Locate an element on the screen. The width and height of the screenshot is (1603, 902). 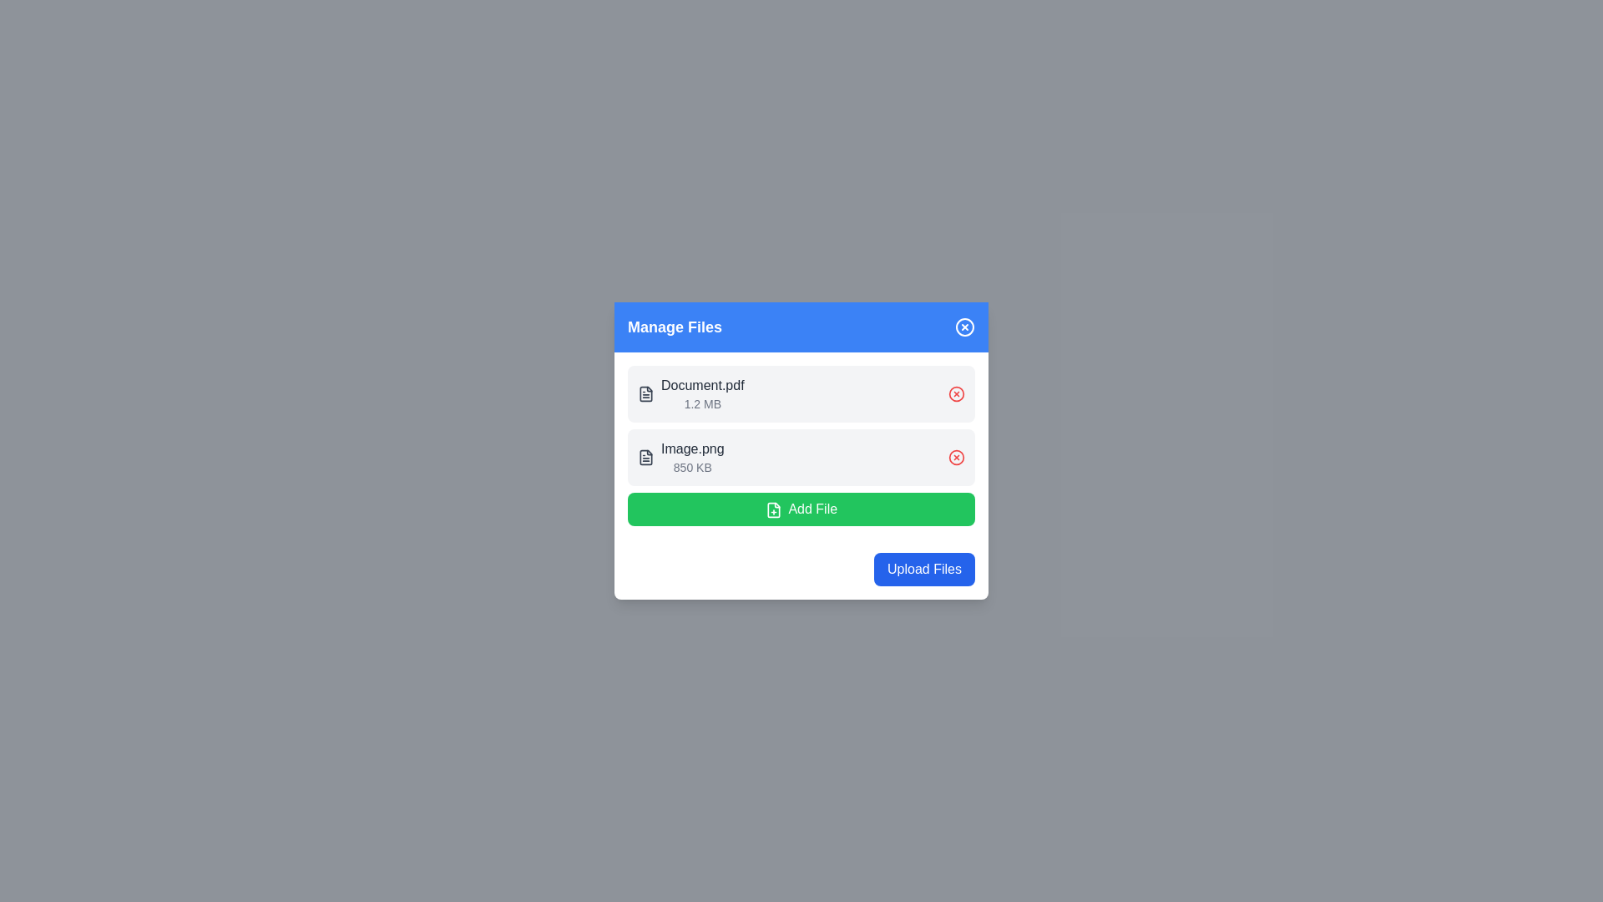
the static informational text displaying the size of the file 'Document.pdf', which is the second element in the vertical list of the 'Manage Files' card UI is located at coordinates (702, 403).